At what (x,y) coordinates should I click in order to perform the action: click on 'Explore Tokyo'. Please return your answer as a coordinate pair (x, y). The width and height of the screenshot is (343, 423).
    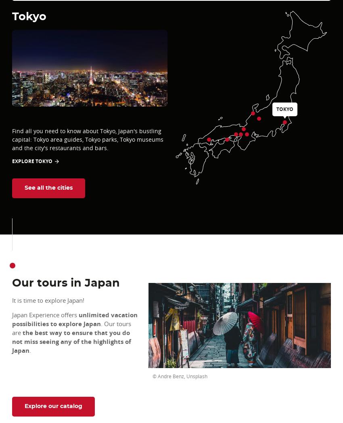
    Looking at the image, I should click on (32, 161).